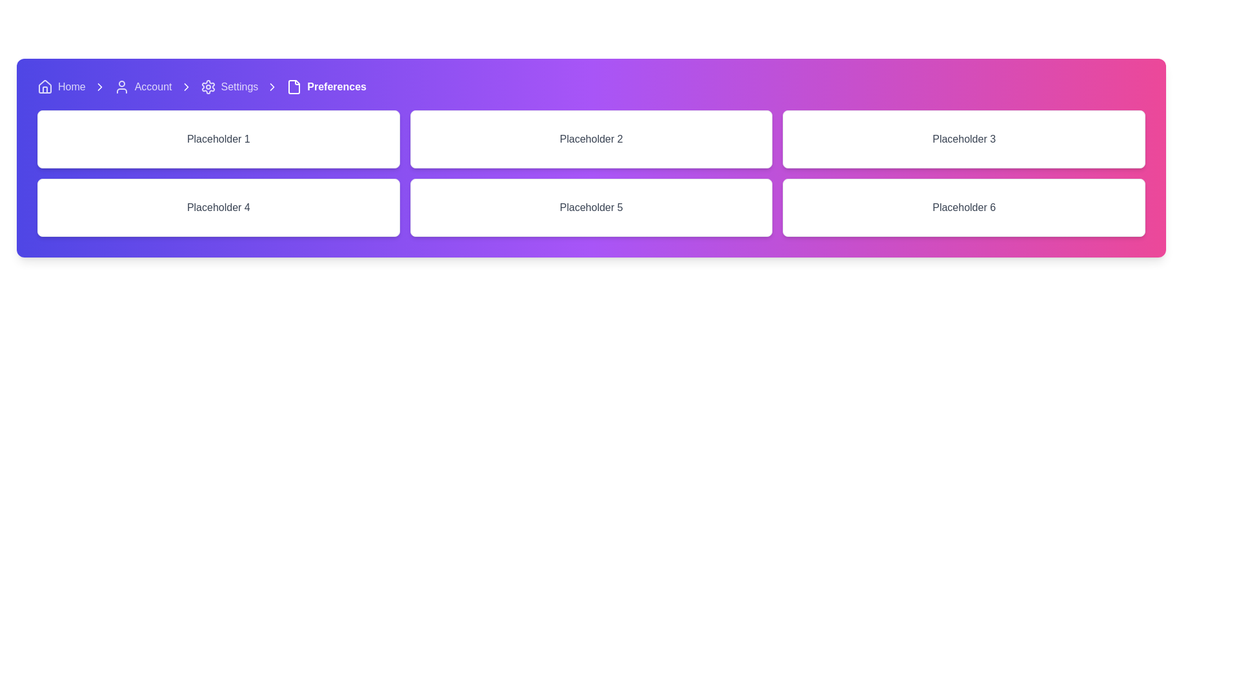 This screenshot has height=697, width=1239. I want to click on the 'Settings' hyperlink in the breadcrumb navigation menu, so click(229, 87).